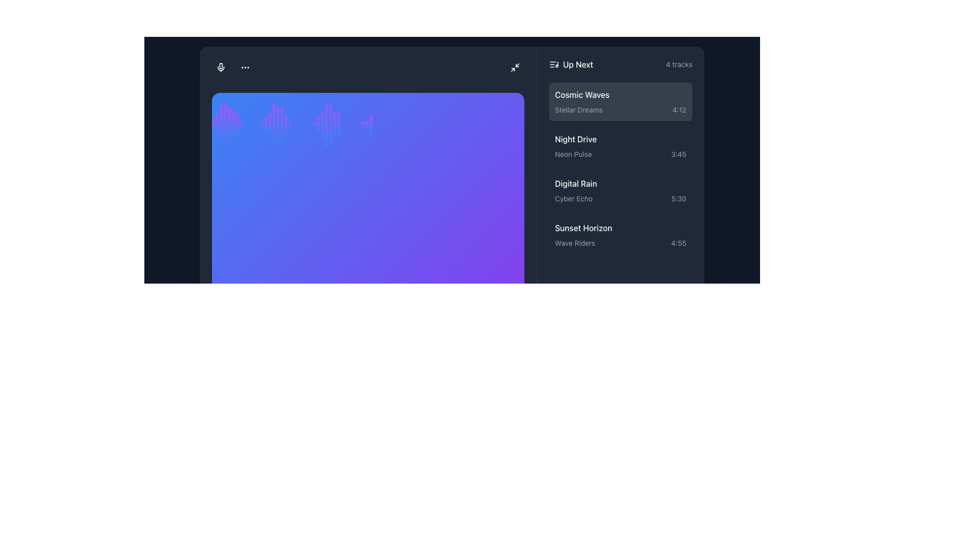 Image resolution: width=969 pixels, height=545 pixels. Describe the element at coordinates (576, 139) in the screenshot. I see `on the text label reading 'Night Drive'` at that location.